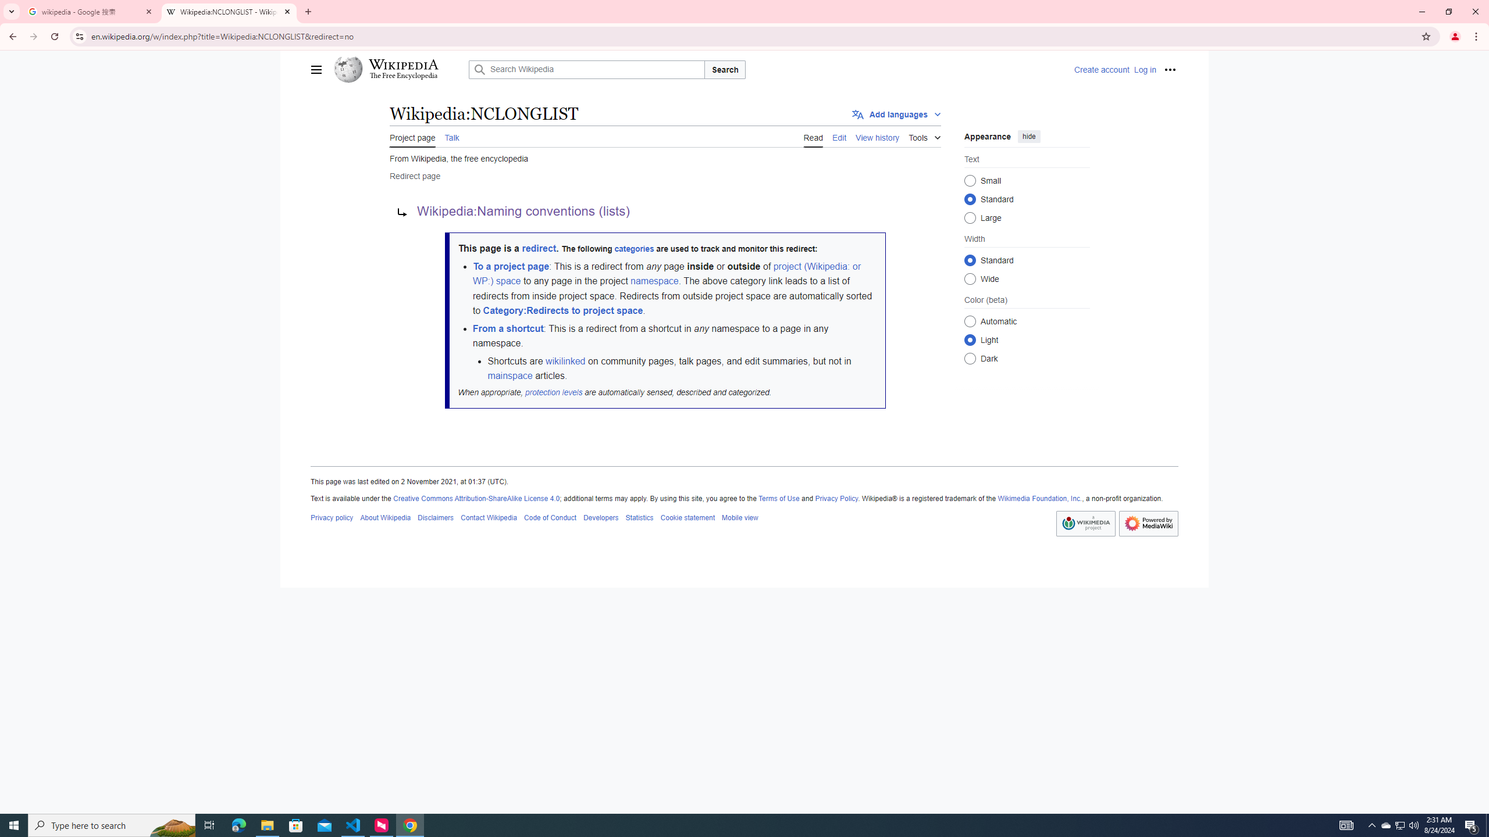 Image resolution: width=1489 pixels, height=837 pixels. What do you see at coordinates (538, 248) in the screenshot?
I see `'redirect'` at bounding box center [538, 248].